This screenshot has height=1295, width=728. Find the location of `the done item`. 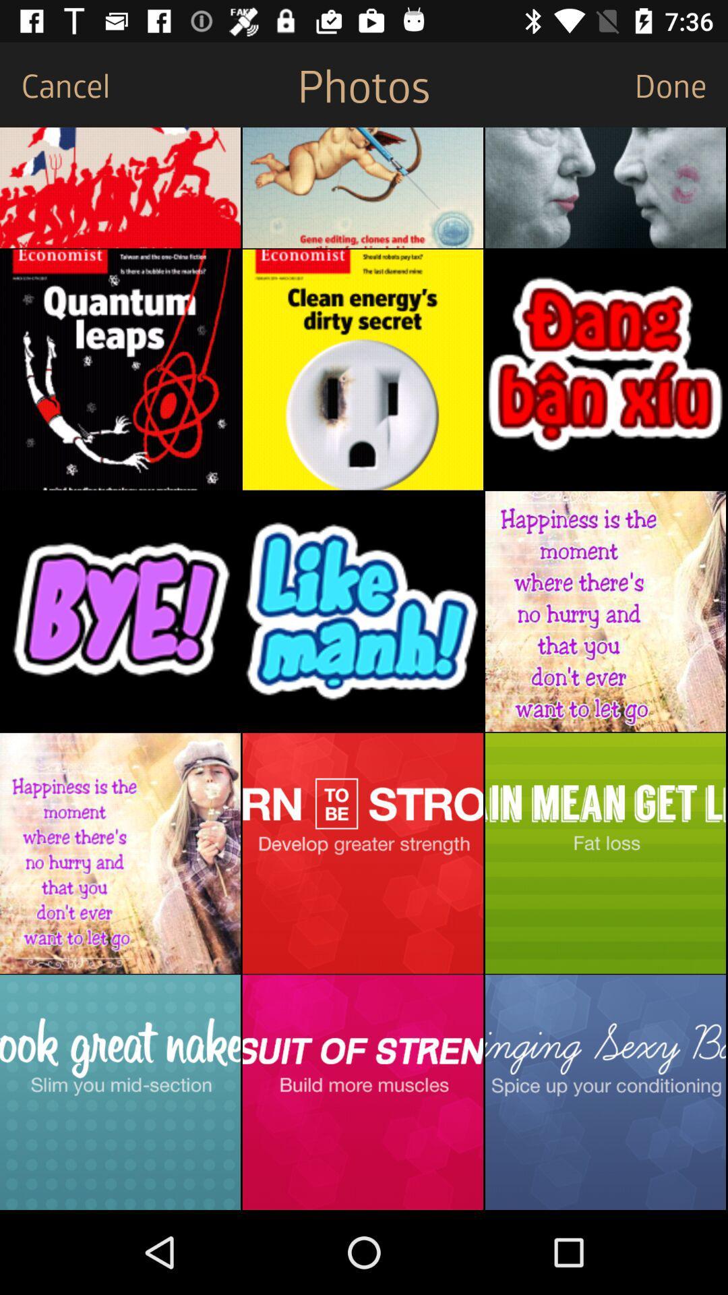

the done item is located at coordinates (681, 84).